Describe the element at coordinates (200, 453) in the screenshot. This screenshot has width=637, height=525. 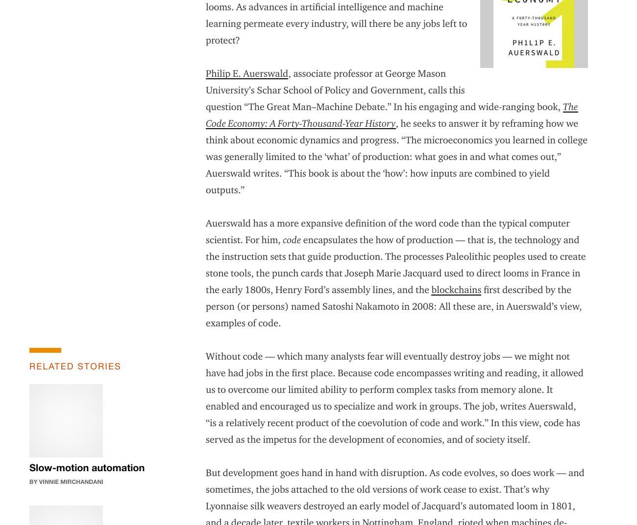
I see `'Sign up for newsletters'` at that location.